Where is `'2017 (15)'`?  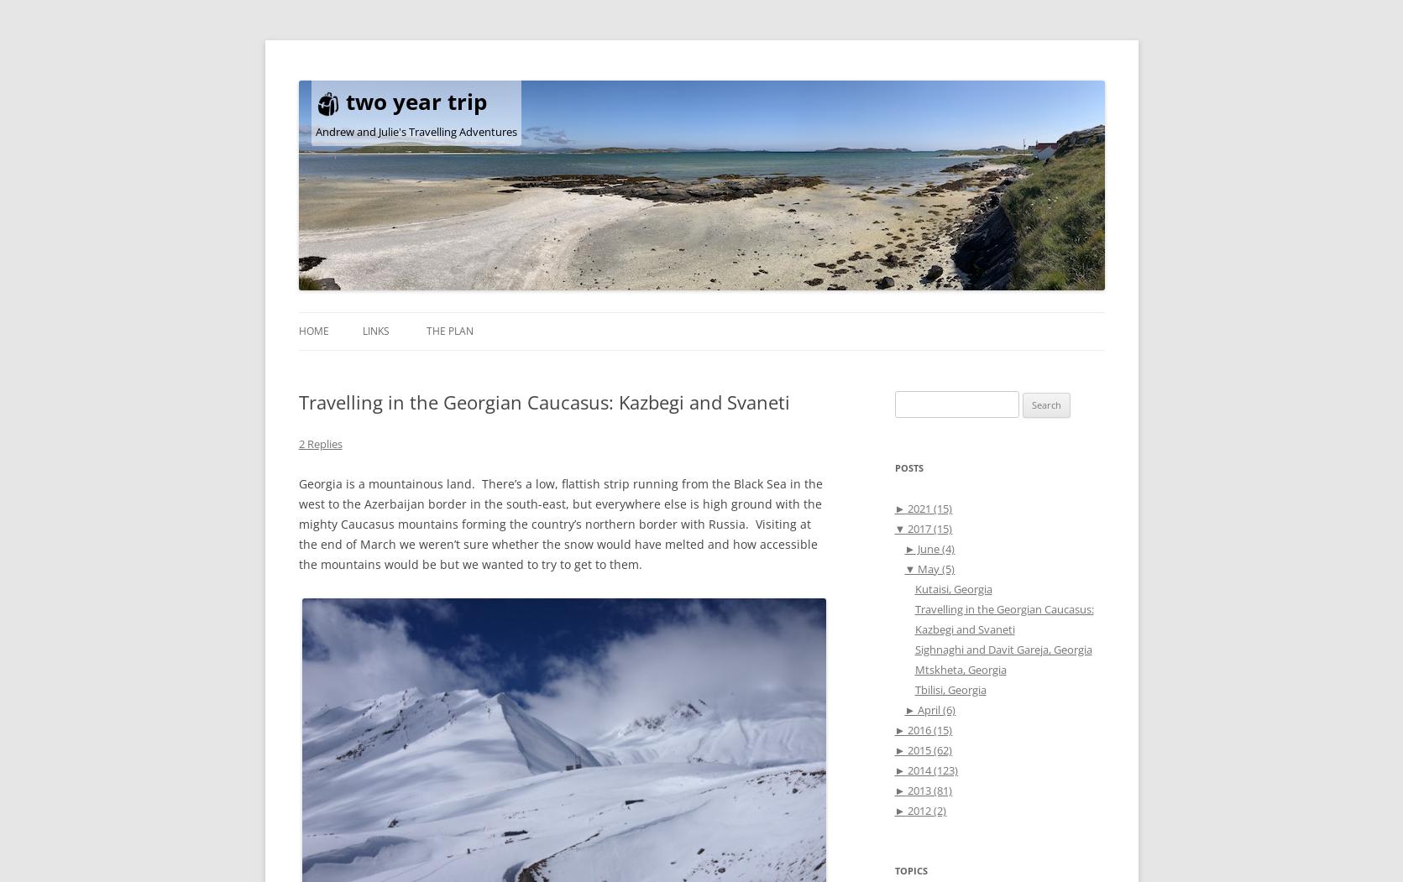
'2017 (15)' is located at coordinates (928, 527).